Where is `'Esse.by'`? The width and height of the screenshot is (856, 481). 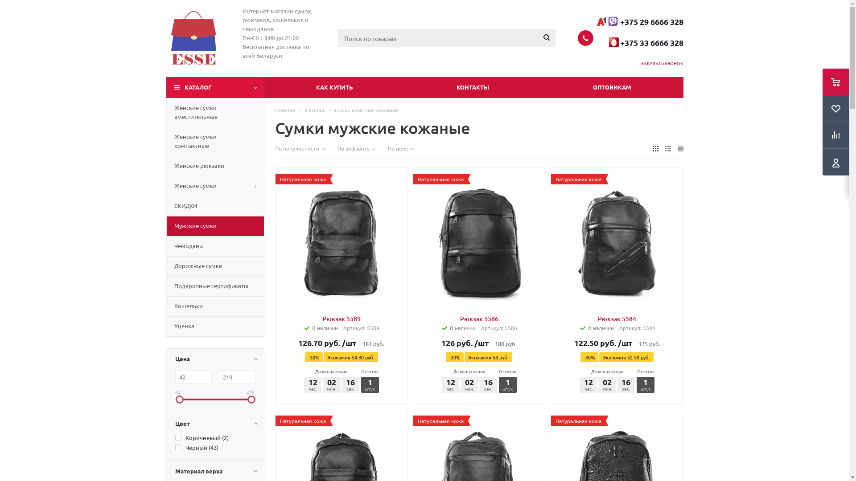
'Esse.by' is located at coordinates (192, 37).